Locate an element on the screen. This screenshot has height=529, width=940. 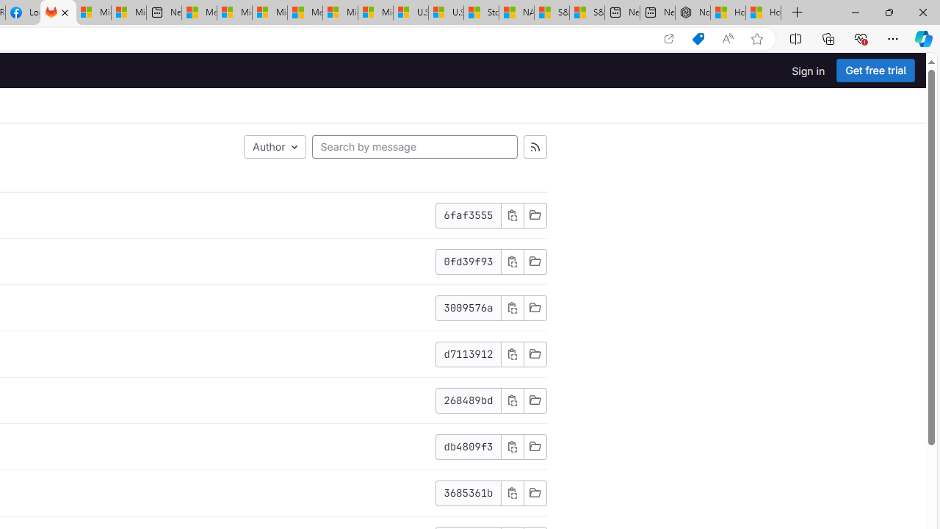
'Get free trial' is located at coordinates (875, 71).